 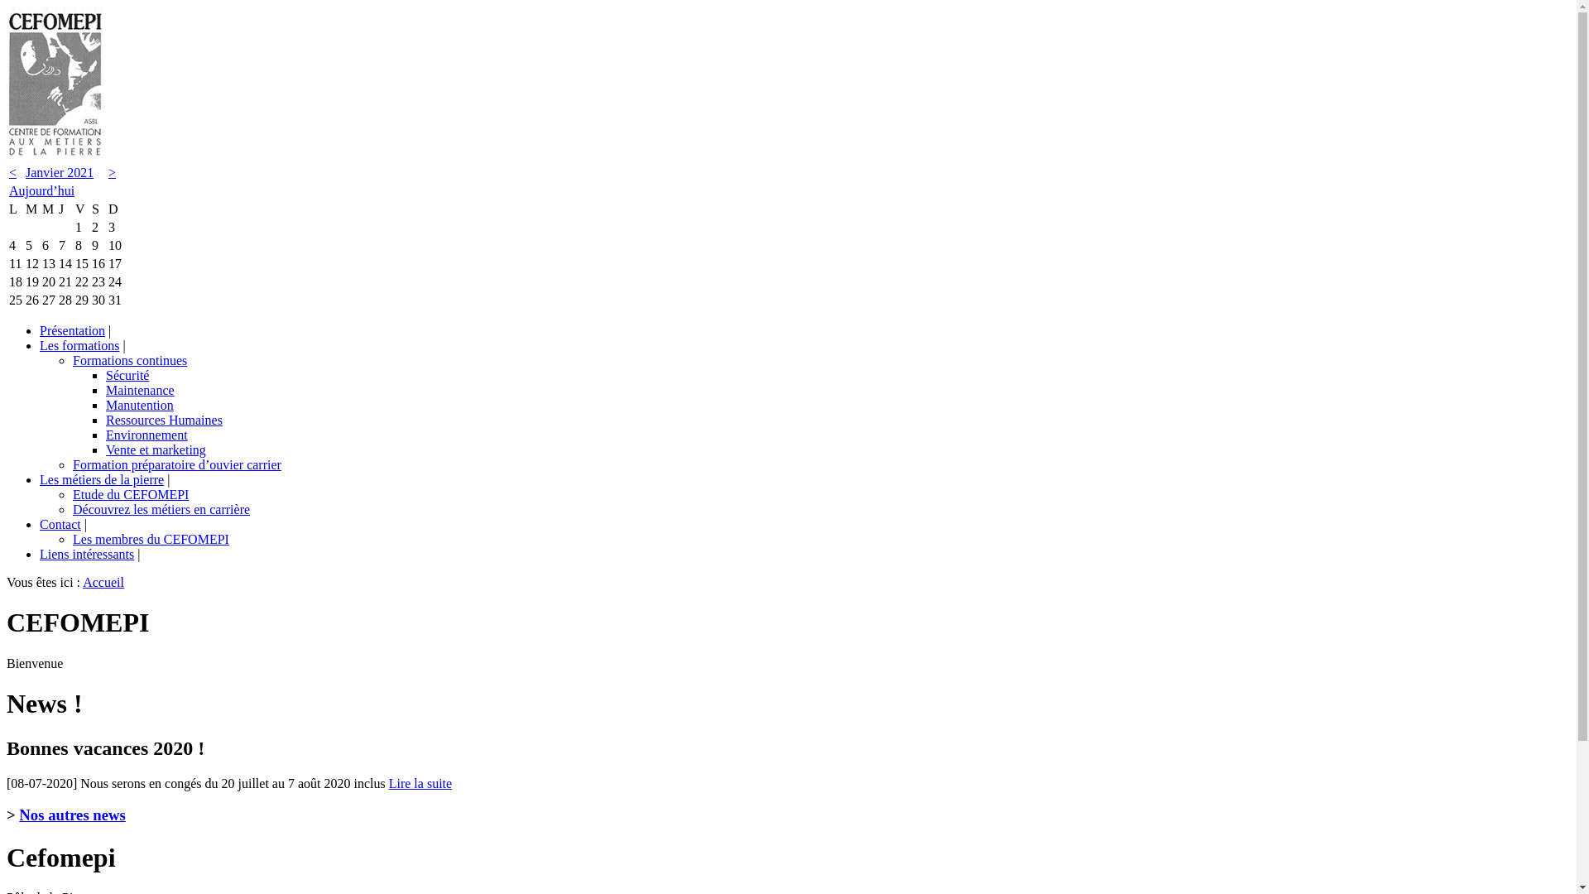 What do you see at coordinates (71, 493) in the screenshot?
I see `'Etude du CEFOMEPI'` at bounding box center [71, 493].